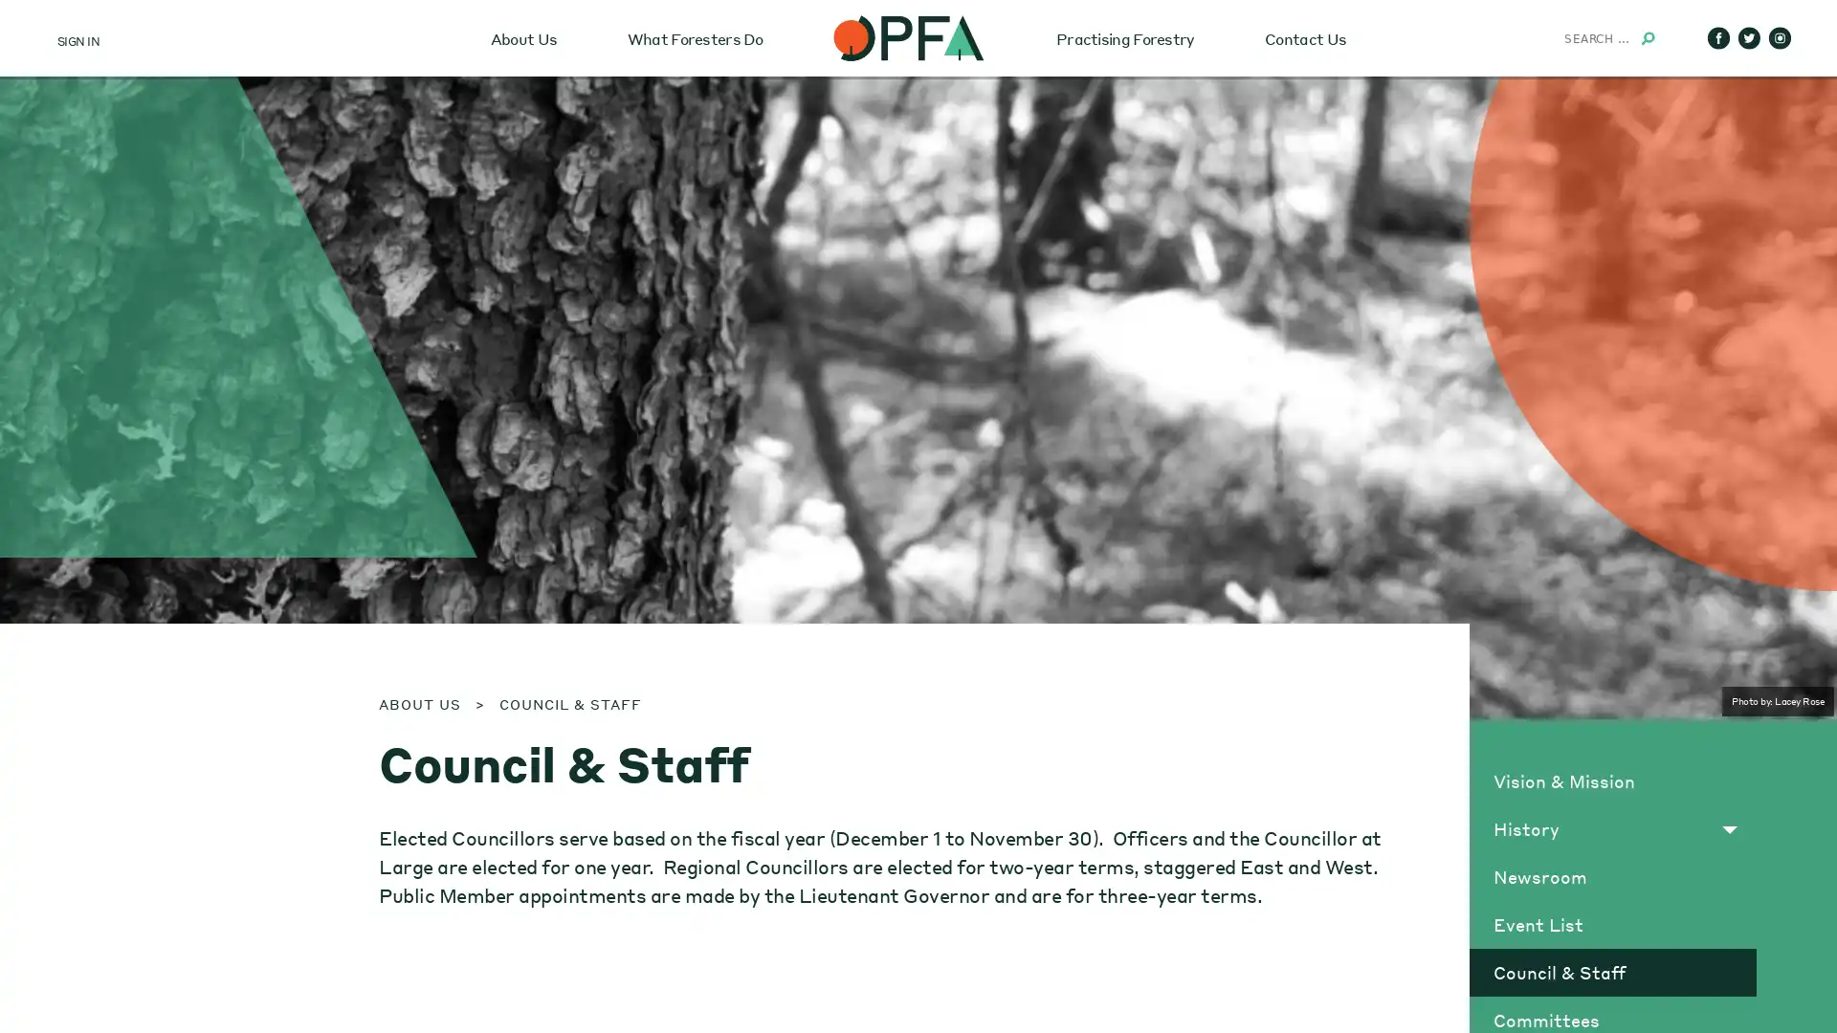  Describe the element at coordinates (1647, 37) in the screenshot. I see `Search` at that location.